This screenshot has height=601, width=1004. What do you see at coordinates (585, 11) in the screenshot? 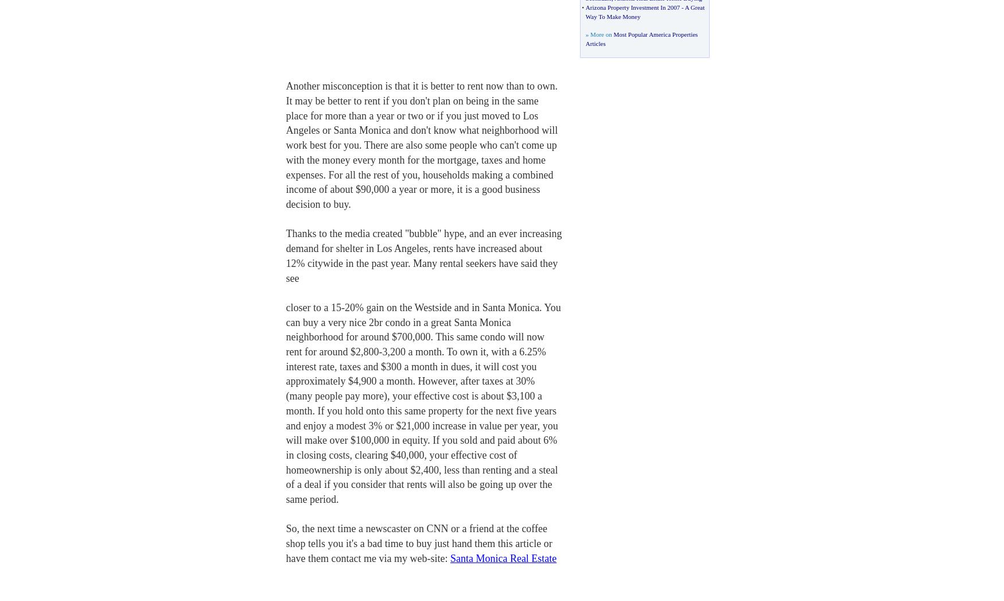
I see `'A Great Way To Make Money'` at bounding box center [585, 11].